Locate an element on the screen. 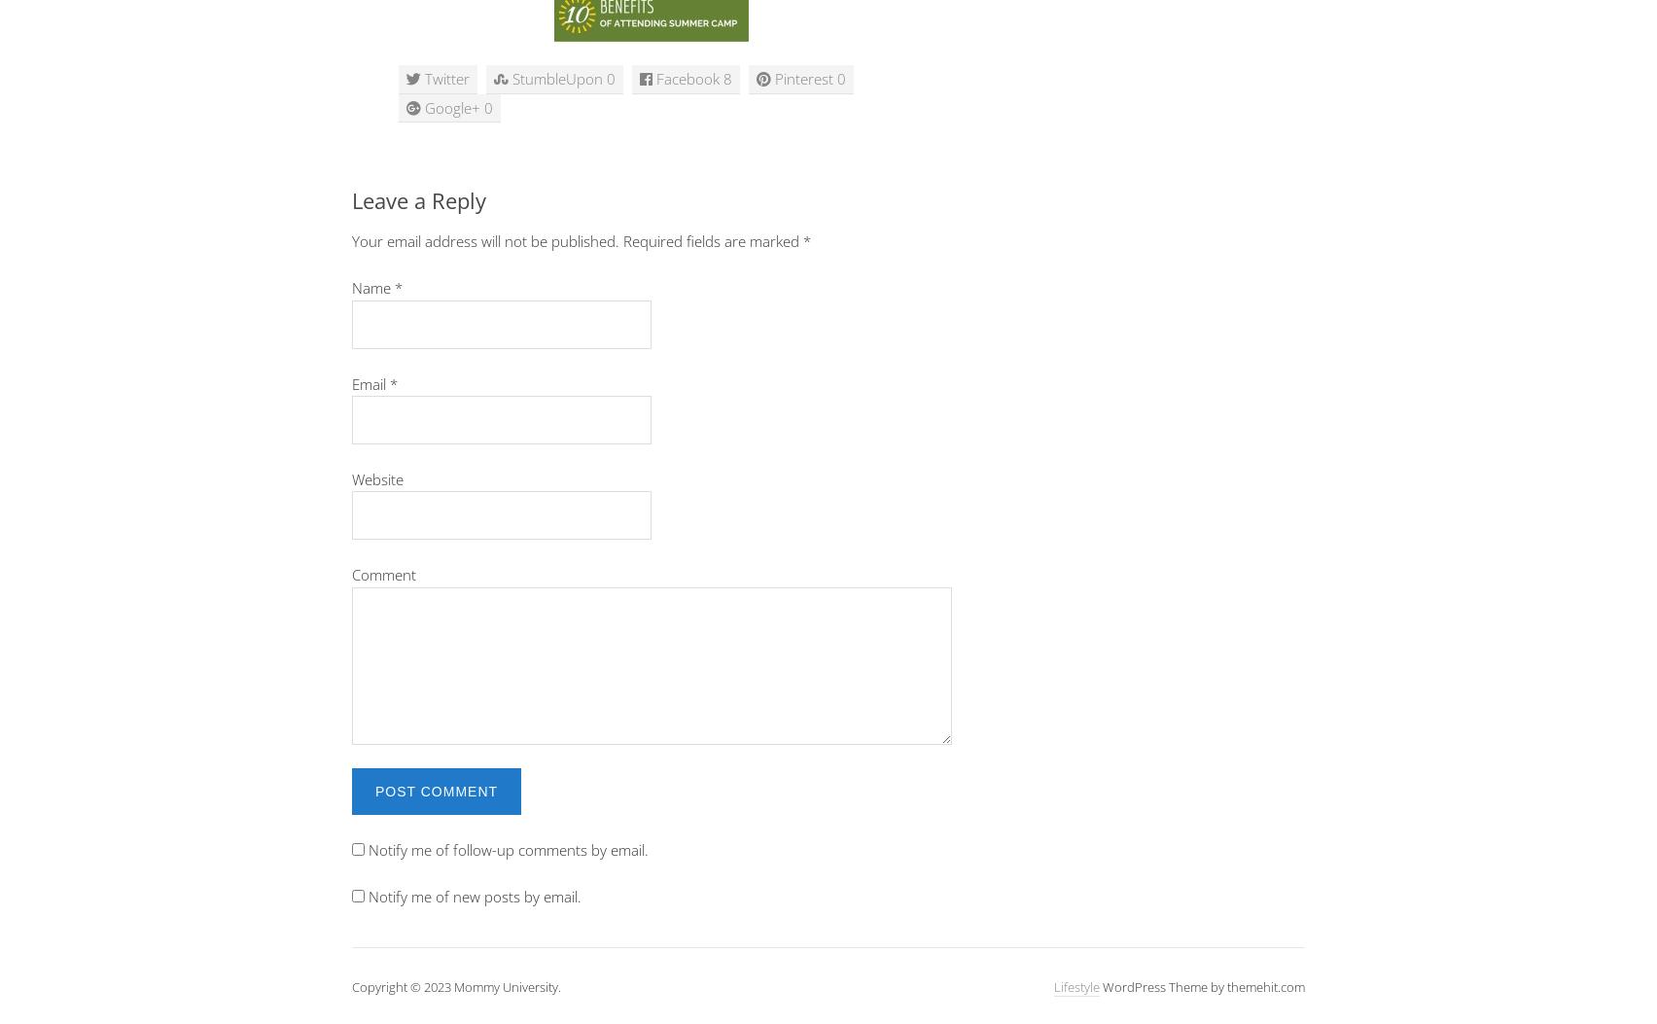  'Pinterest' is located at coordinates (773, 77).